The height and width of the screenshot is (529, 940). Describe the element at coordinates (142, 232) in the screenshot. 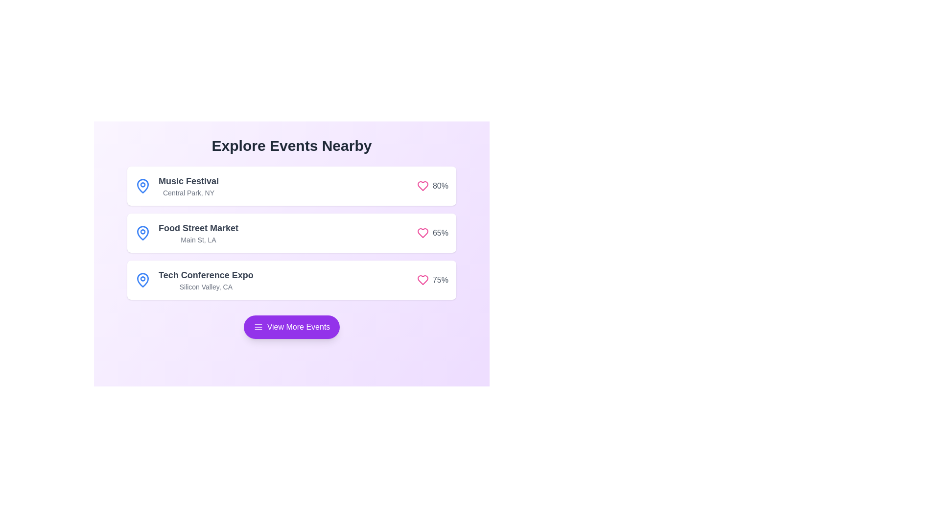

I see `SVG structure by clicking on the icon located to the left of the 'Food Street Market' list item, which serves as a visual indicator or symbol` at that location.